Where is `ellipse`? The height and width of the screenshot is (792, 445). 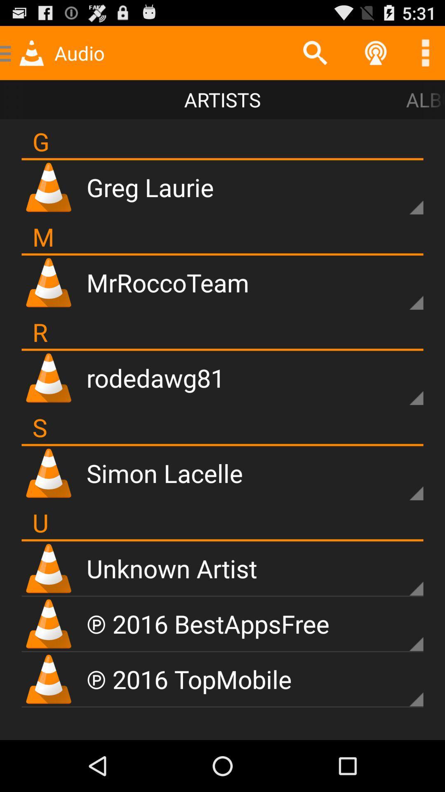
ellipse is located at coordinates (425, 52).